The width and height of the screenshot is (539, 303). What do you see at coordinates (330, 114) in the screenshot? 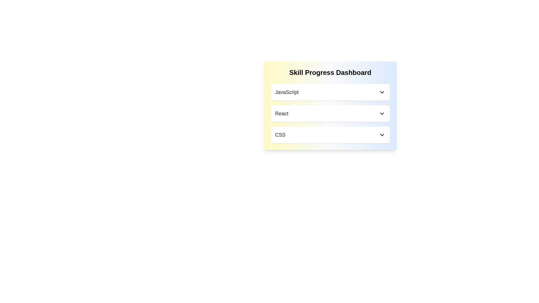
I see `the selectable skill card labeled 'React' in the Skill Progress Dashboard` at bounding box center [330, 114].